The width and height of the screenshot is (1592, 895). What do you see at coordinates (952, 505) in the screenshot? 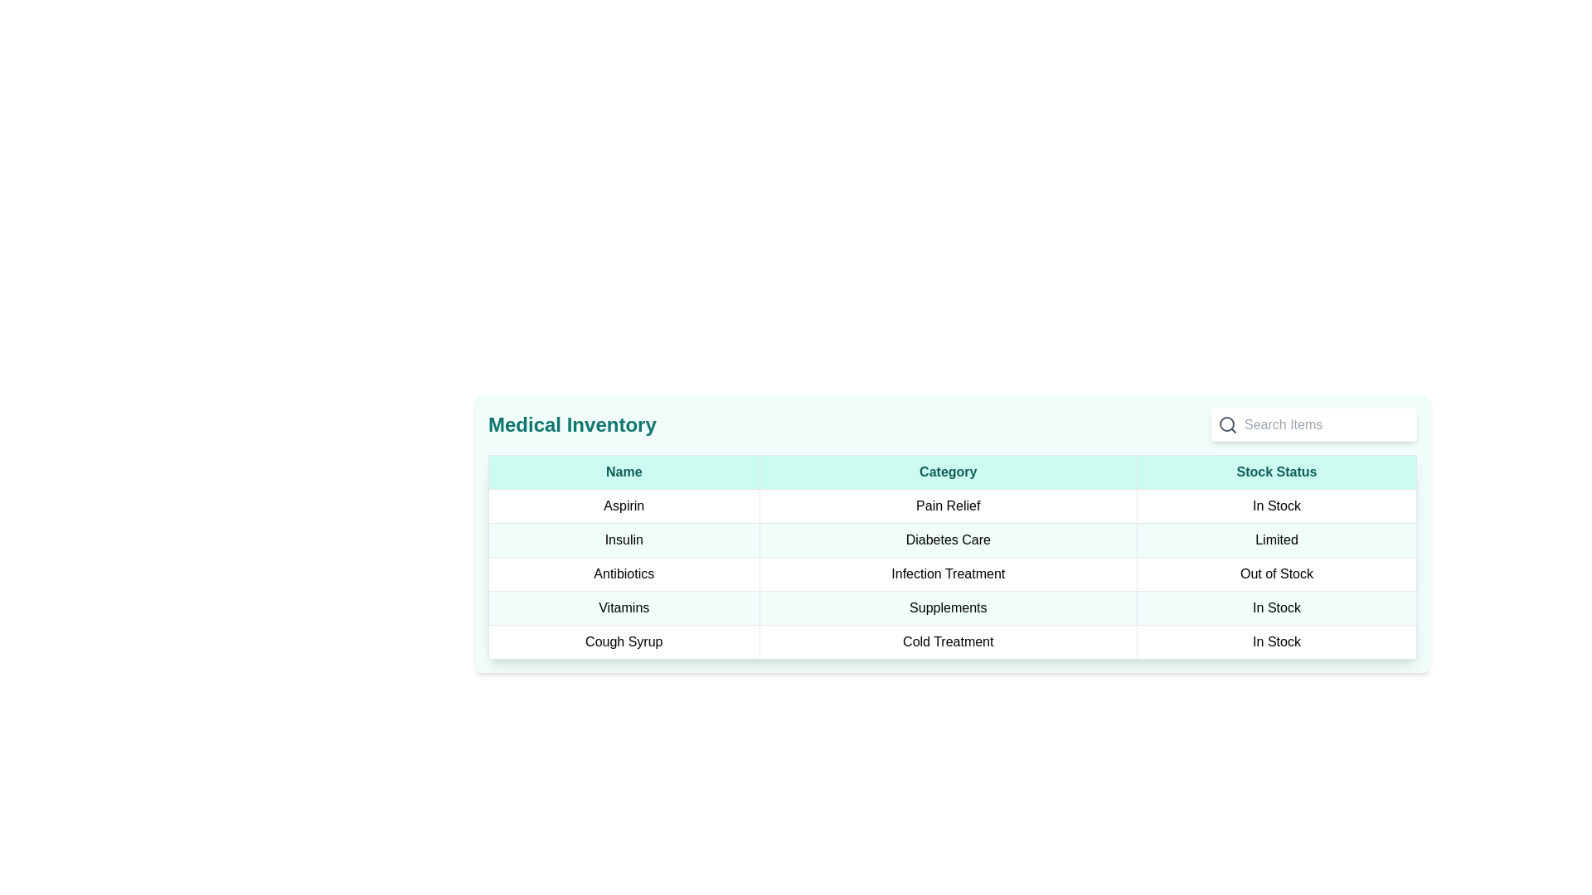
I see `the 'Category' cell in the first row of the inventory table for the product 'Aspirin'` at bounding box center [952, 505].